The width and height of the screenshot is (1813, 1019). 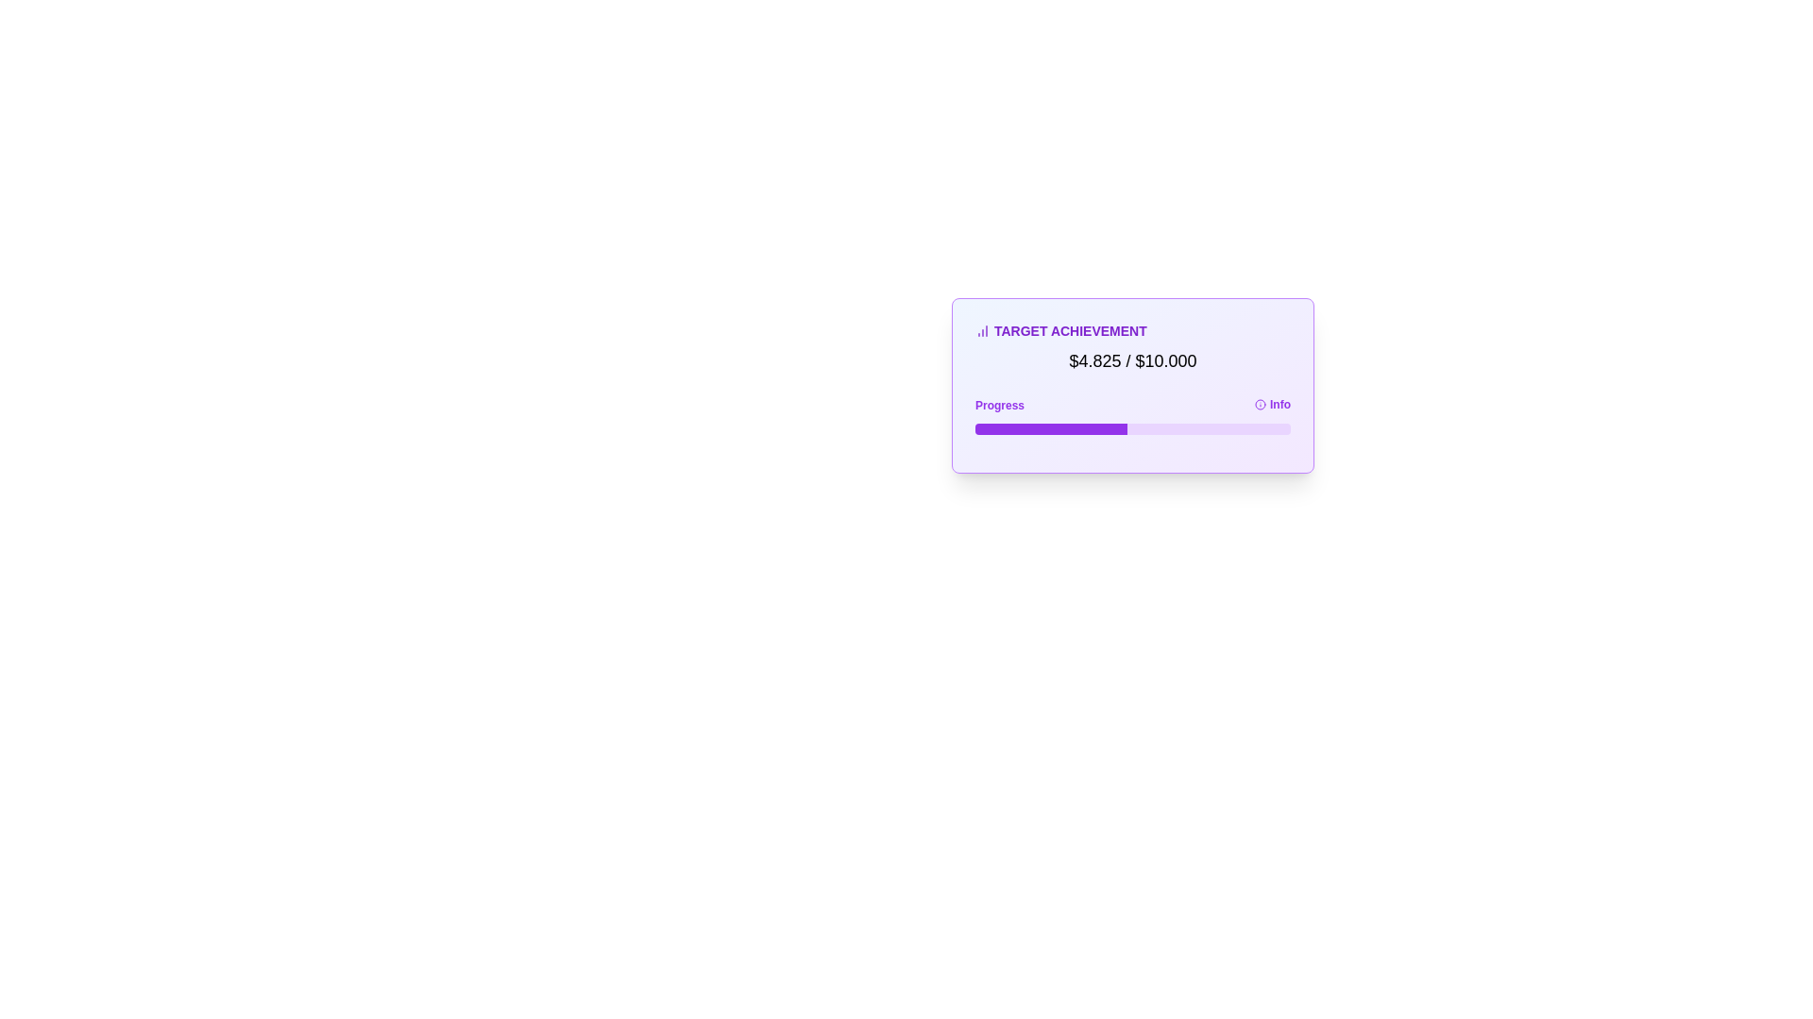 What do you see at coordinates (1273, 403) in the screenshot?
I see `the informational label with an accompanying icon located` at bounding box center [1273, 403].